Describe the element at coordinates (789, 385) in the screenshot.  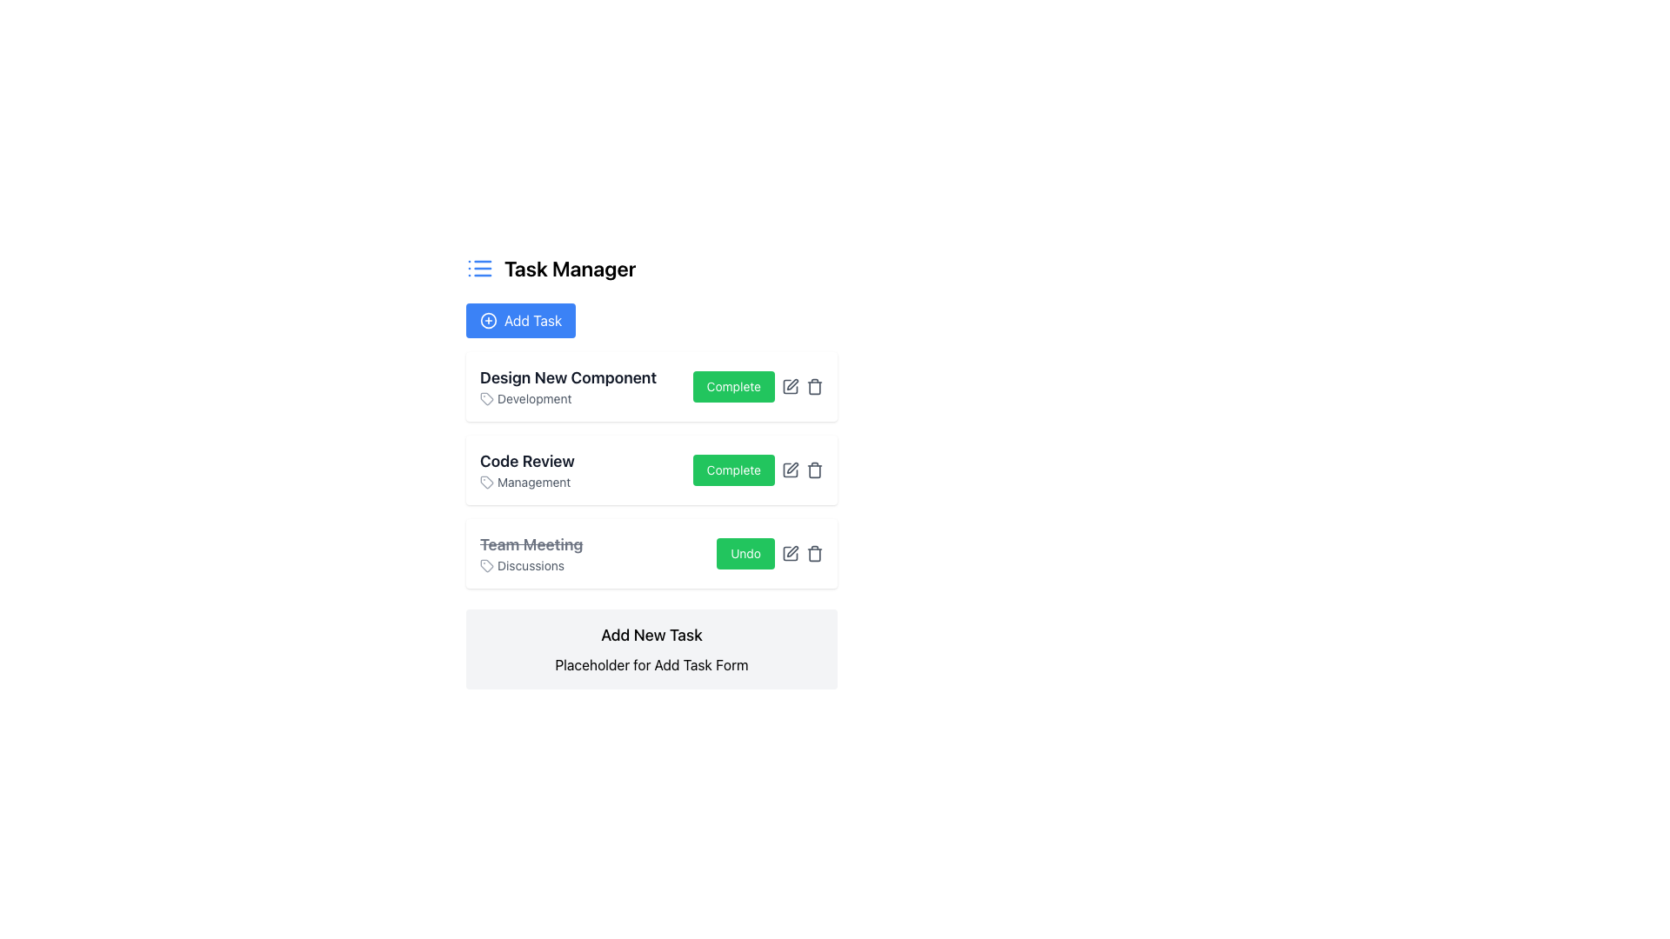
I see `the editing icon represented by a pen or pencil, located to the right of the green 'Complete' button in the task management interface` at that location.